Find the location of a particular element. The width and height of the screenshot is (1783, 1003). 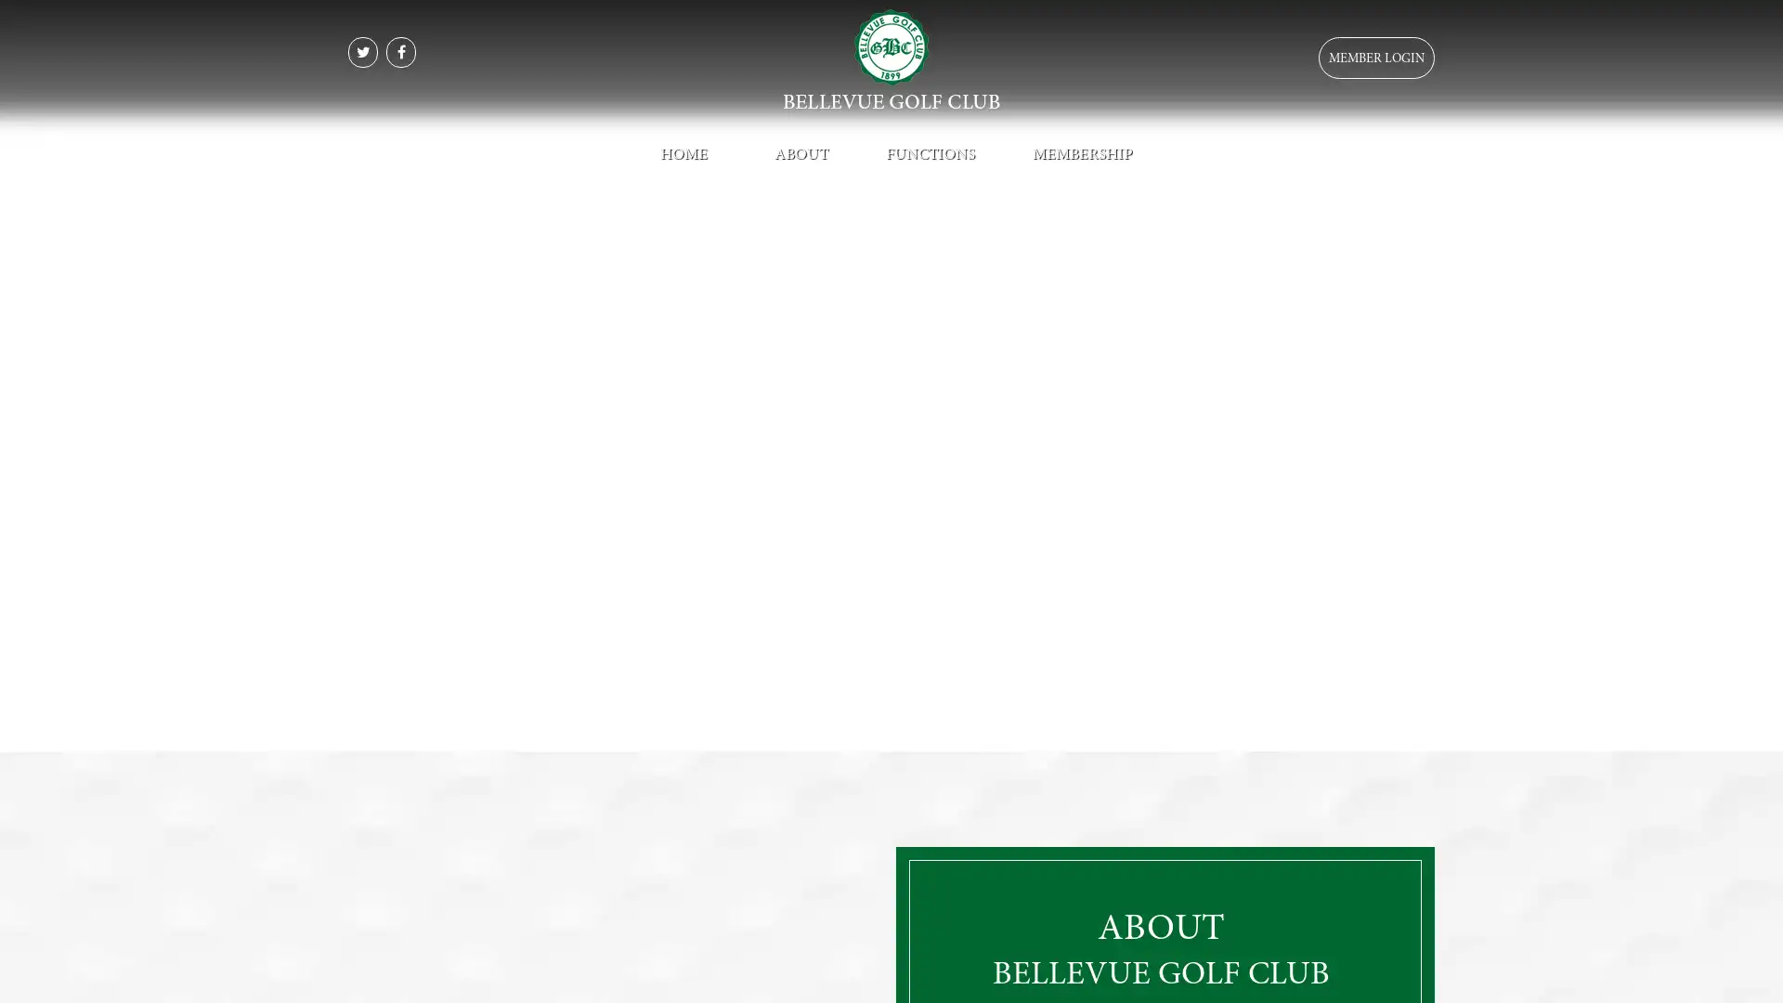

Unmute is located at coordinates (1404, 734).